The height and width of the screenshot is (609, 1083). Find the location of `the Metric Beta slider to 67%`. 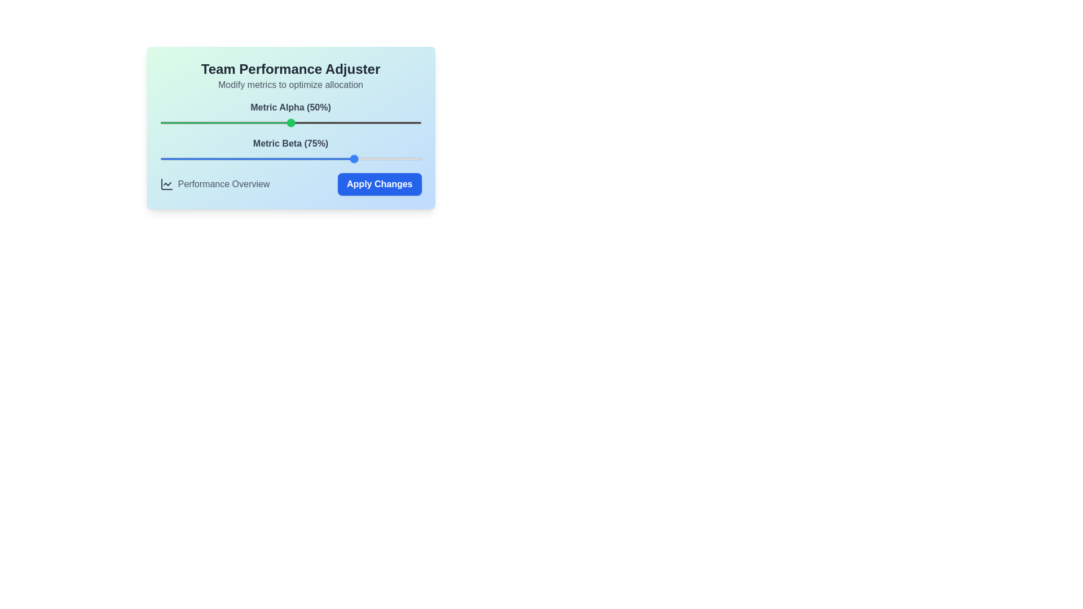

the Metric Beta slider to 67% is located at coordinates (334, 158).